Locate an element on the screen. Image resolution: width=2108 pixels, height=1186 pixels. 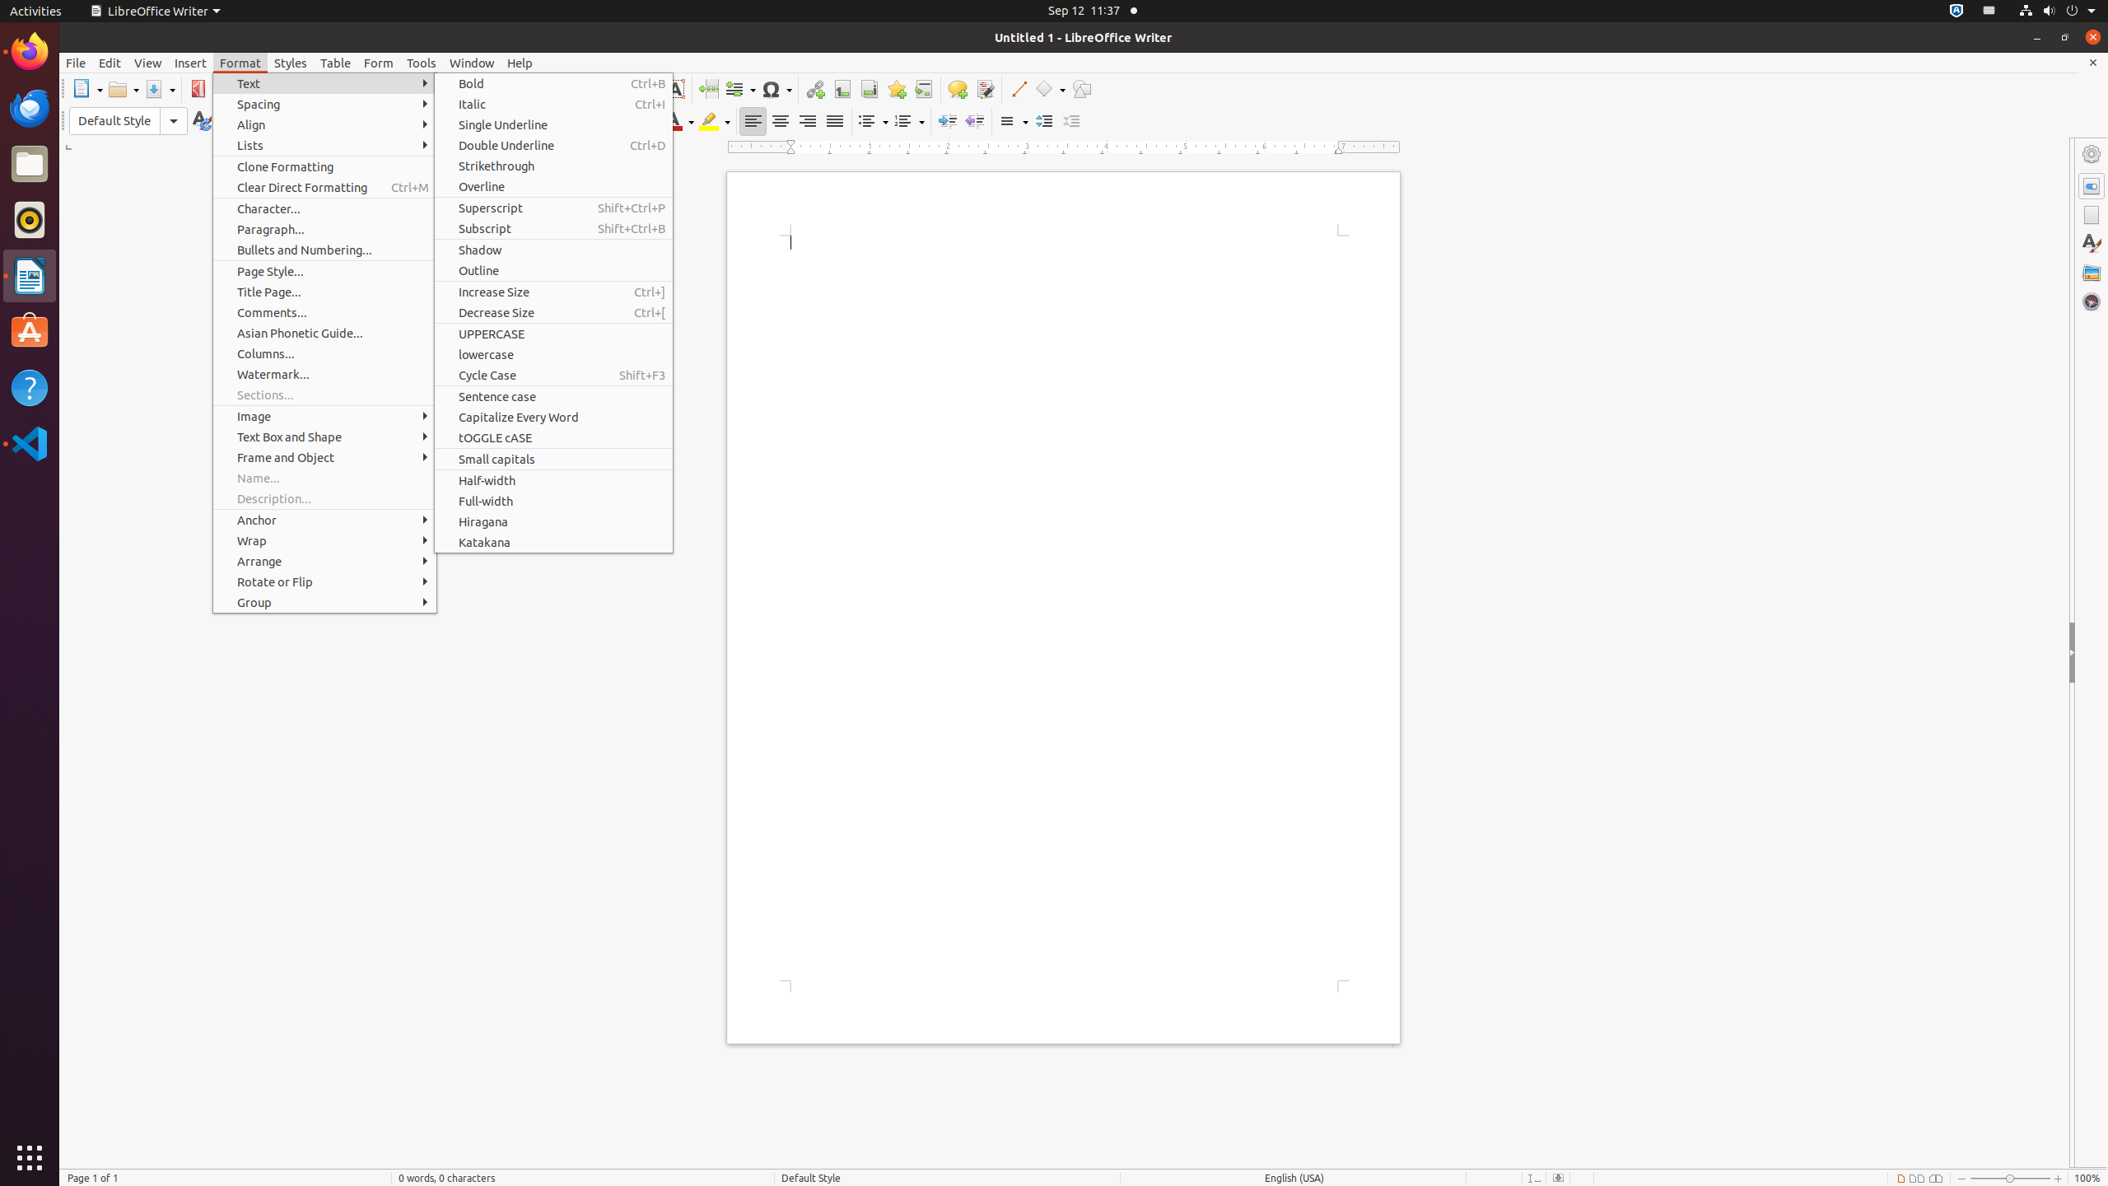
'Gallery' is located at coordinates (2091, 272).